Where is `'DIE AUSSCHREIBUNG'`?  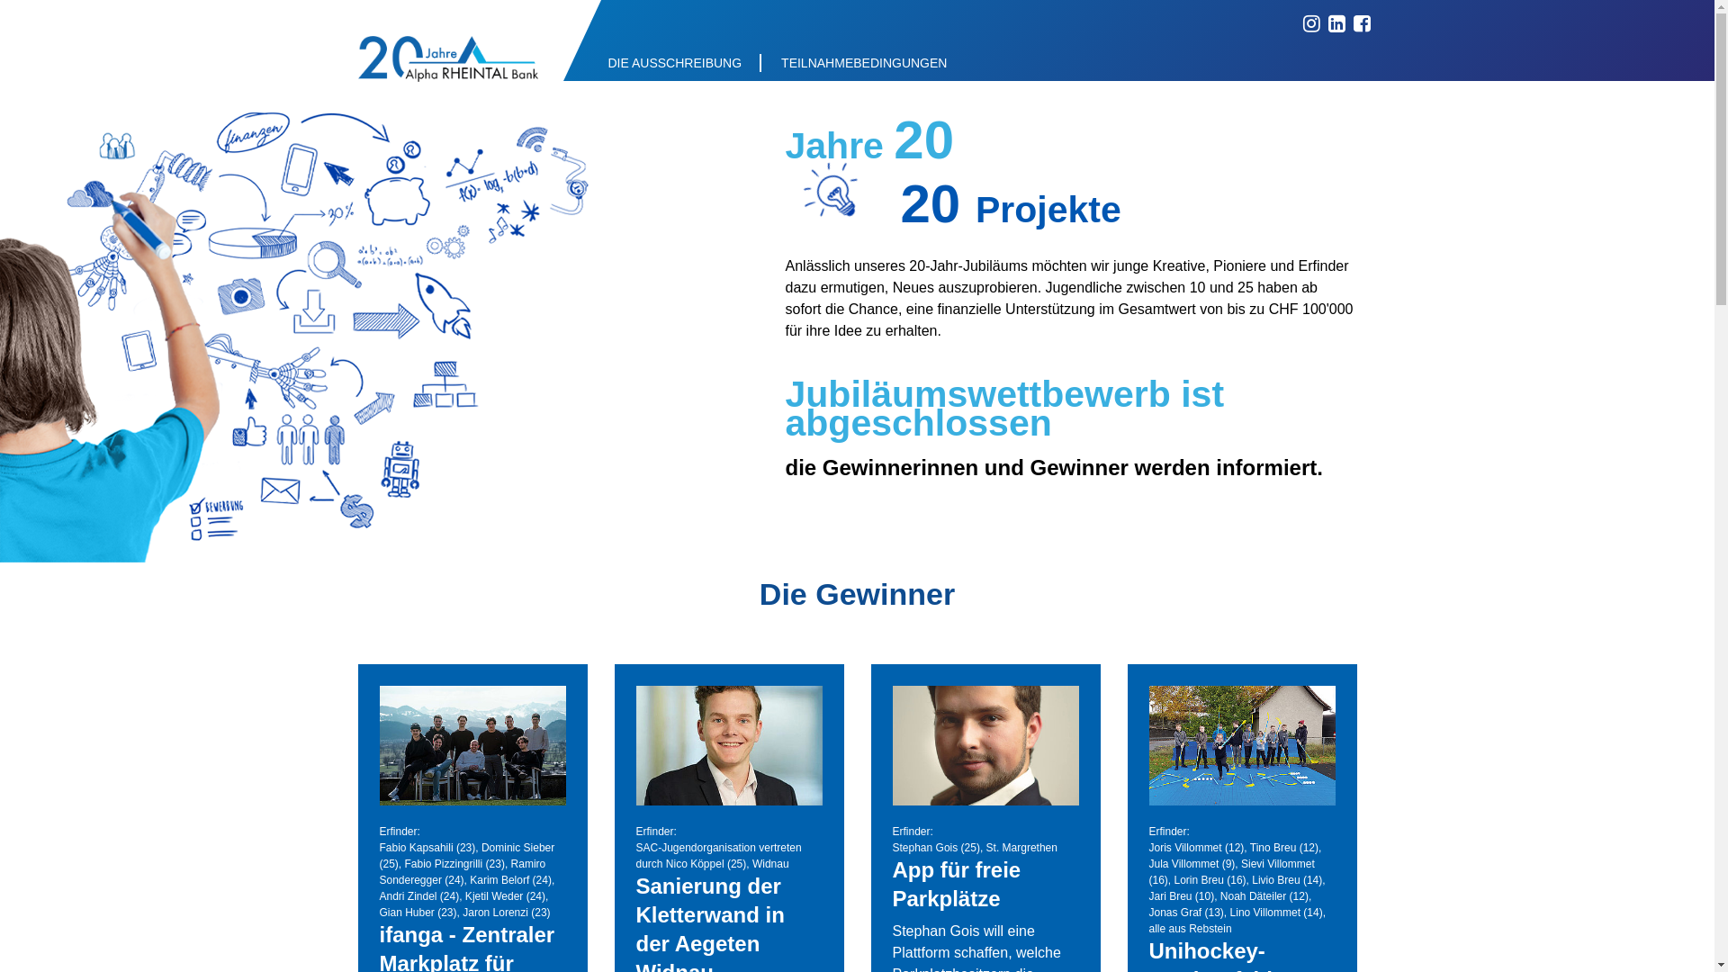
'DIE AUSSCHREIBUNG' is located at coordinates (588, 61).